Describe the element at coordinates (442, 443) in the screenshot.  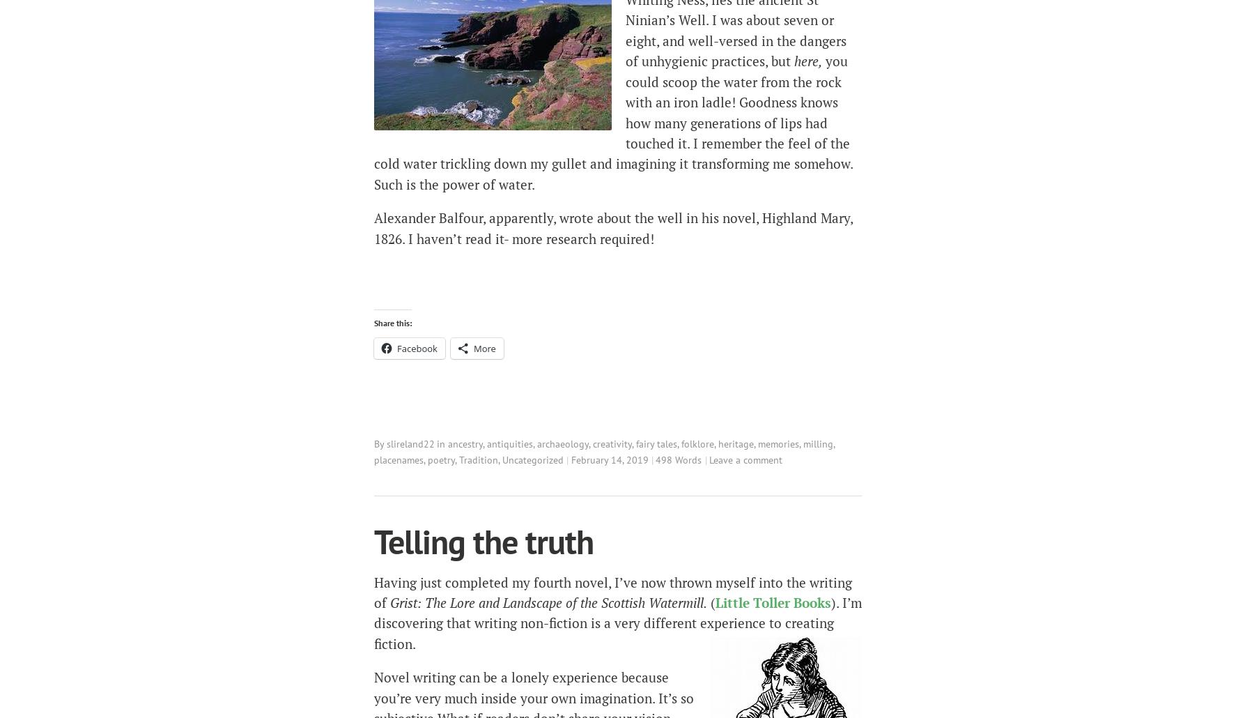
I see `'in'` at that location.